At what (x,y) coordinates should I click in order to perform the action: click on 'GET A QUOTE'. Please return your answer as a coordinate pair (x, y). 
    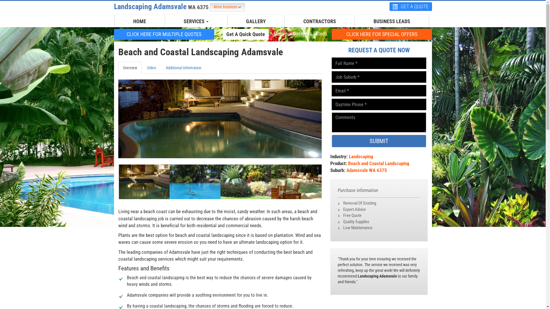
    Looking at the image, I should click on (410, 7).